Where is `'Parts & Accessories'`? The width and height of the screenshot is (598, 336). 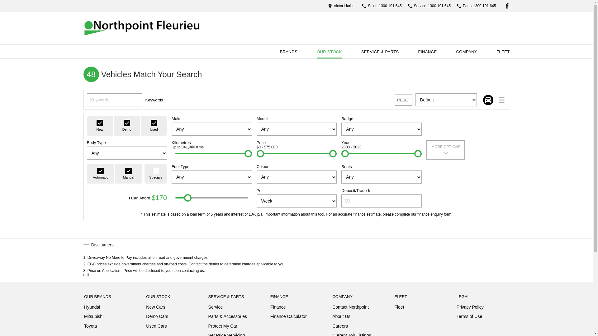
'Parts & Accessories' is located at coordinates (227, 318).